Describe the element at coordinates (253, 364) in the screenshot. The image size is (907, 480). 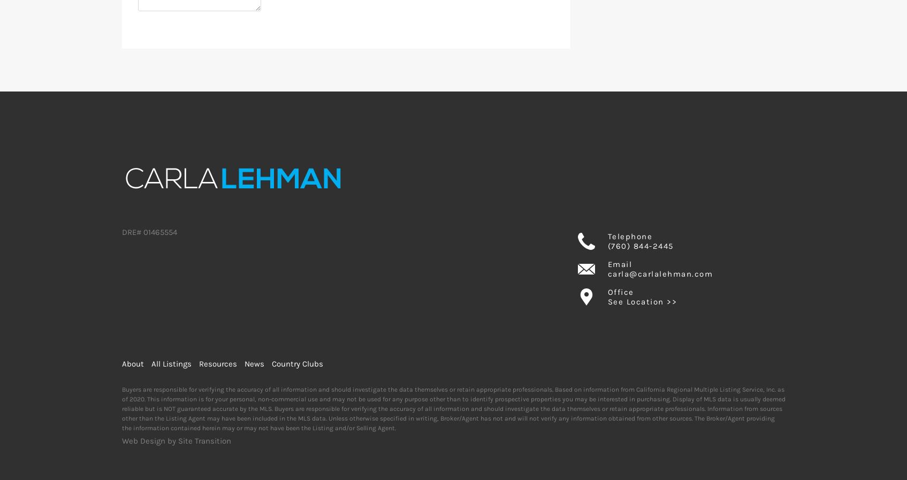
I see `'News'` at that location.